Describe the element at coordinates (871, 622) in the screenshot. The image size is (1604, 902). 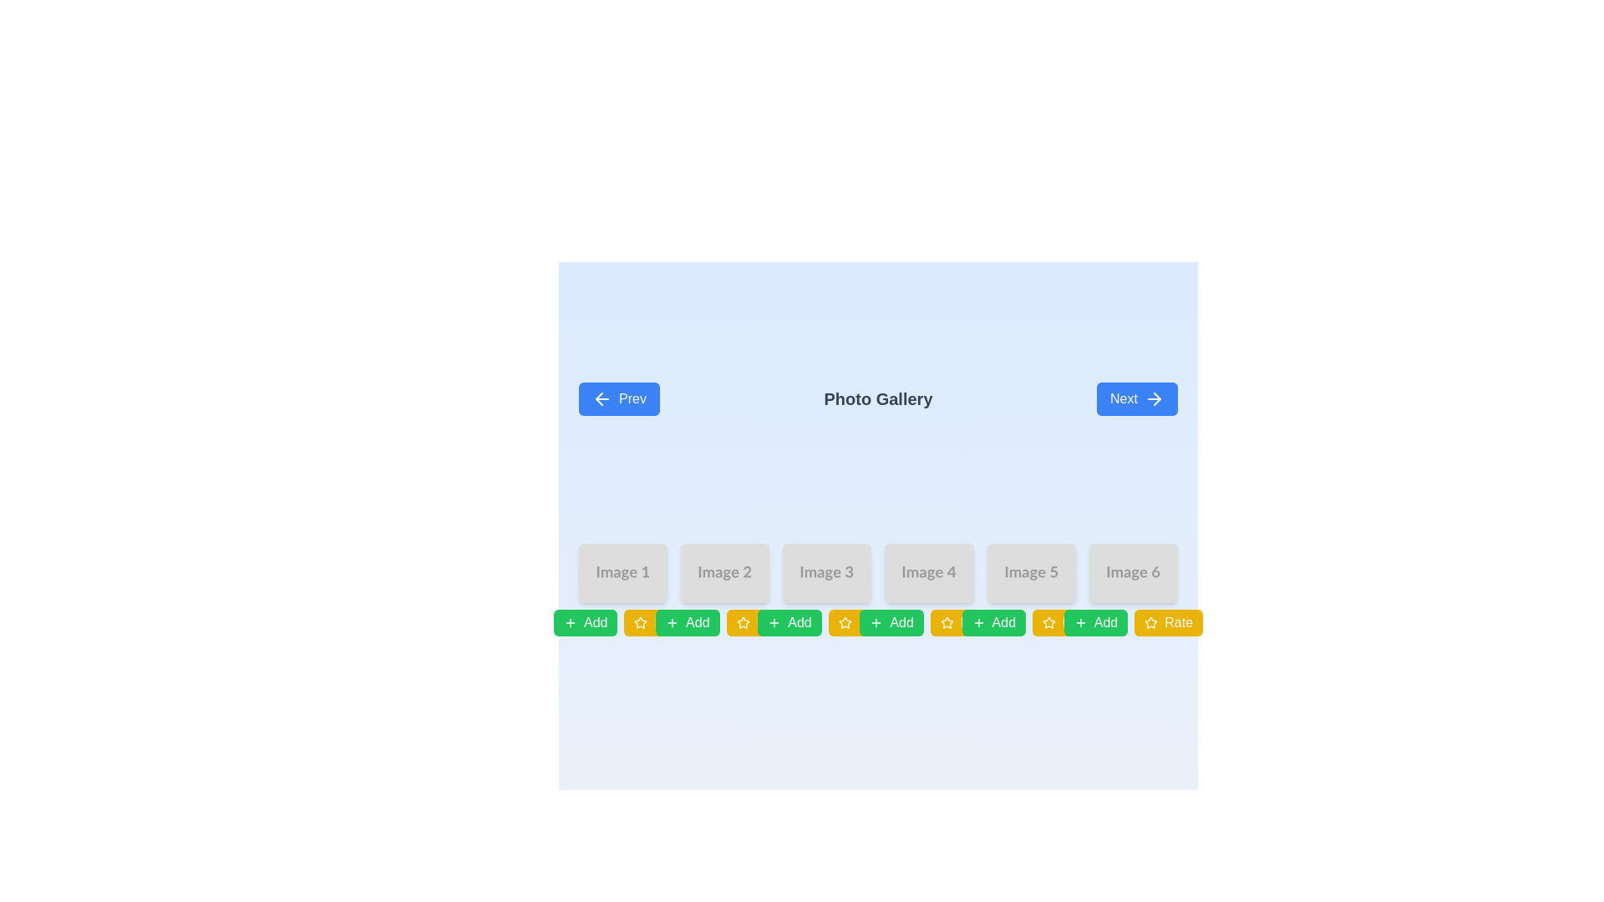
I see `the text label within the yellow button at the far right of the button series, which indicates the functionality related to rating items or content` at that location.